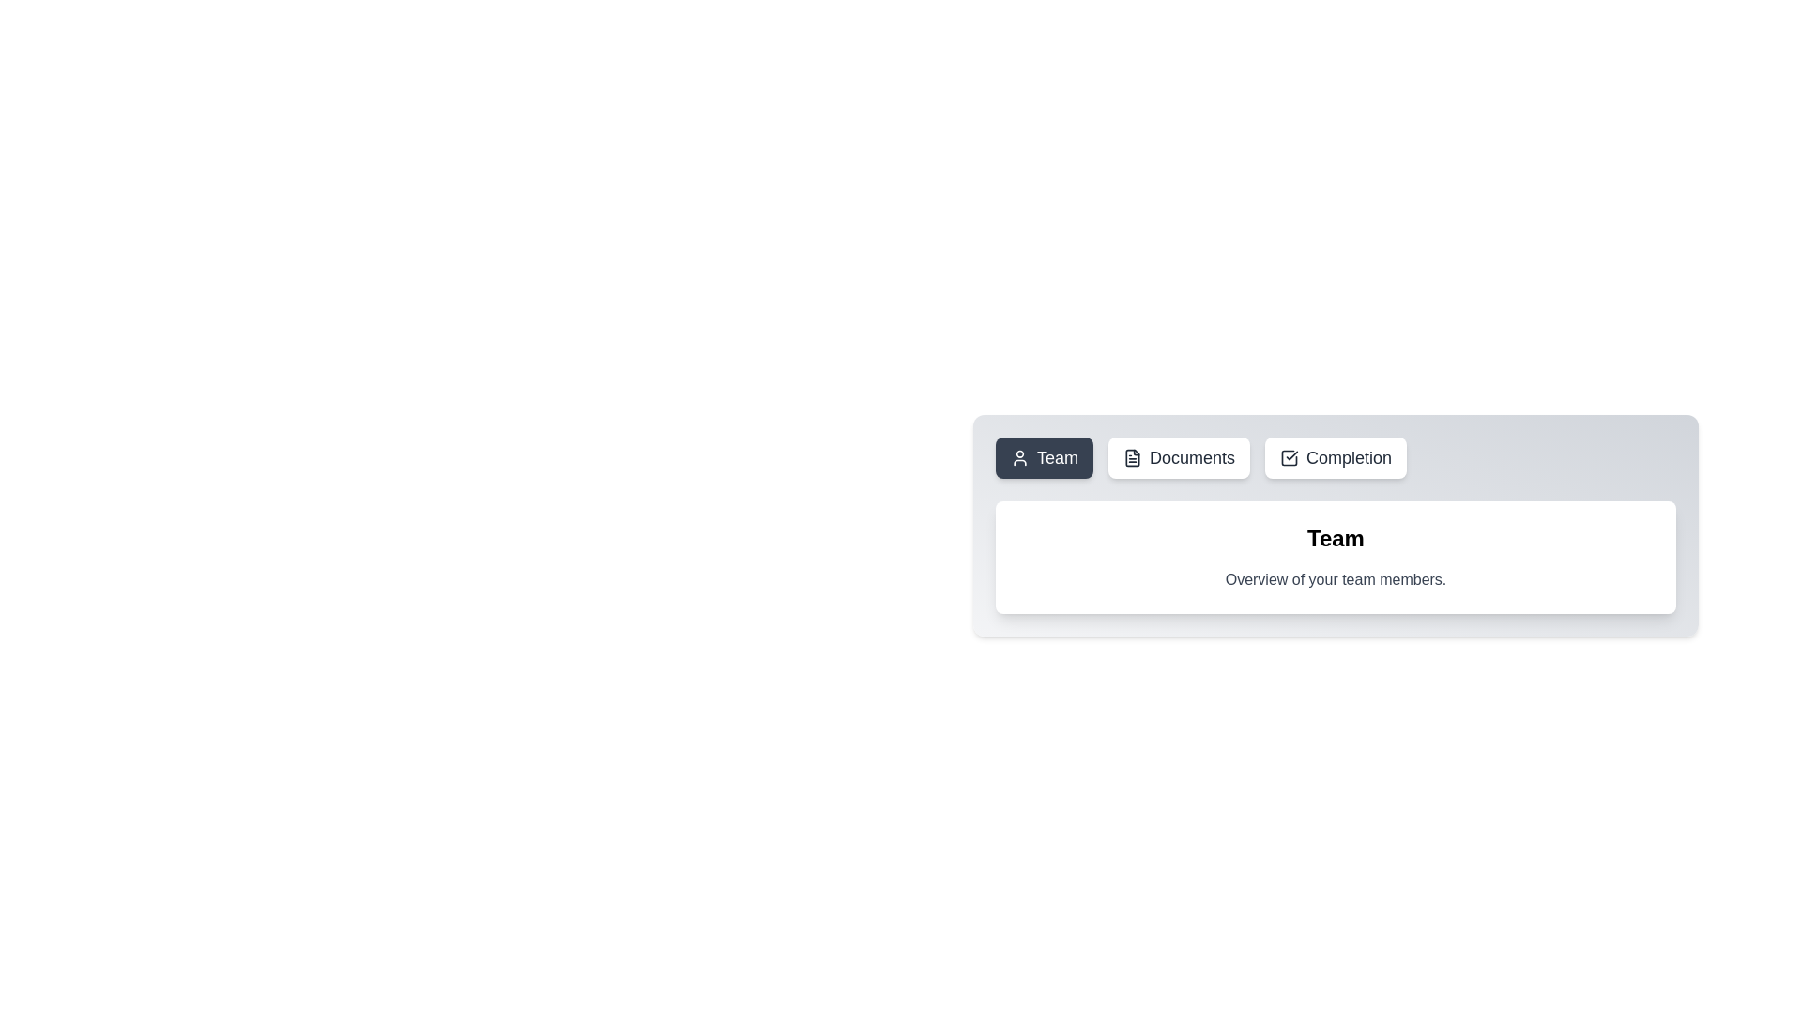 The image size is (1802, 1014). I want to click on the outlined file icon in the navigation bar, so click(1132, 458).